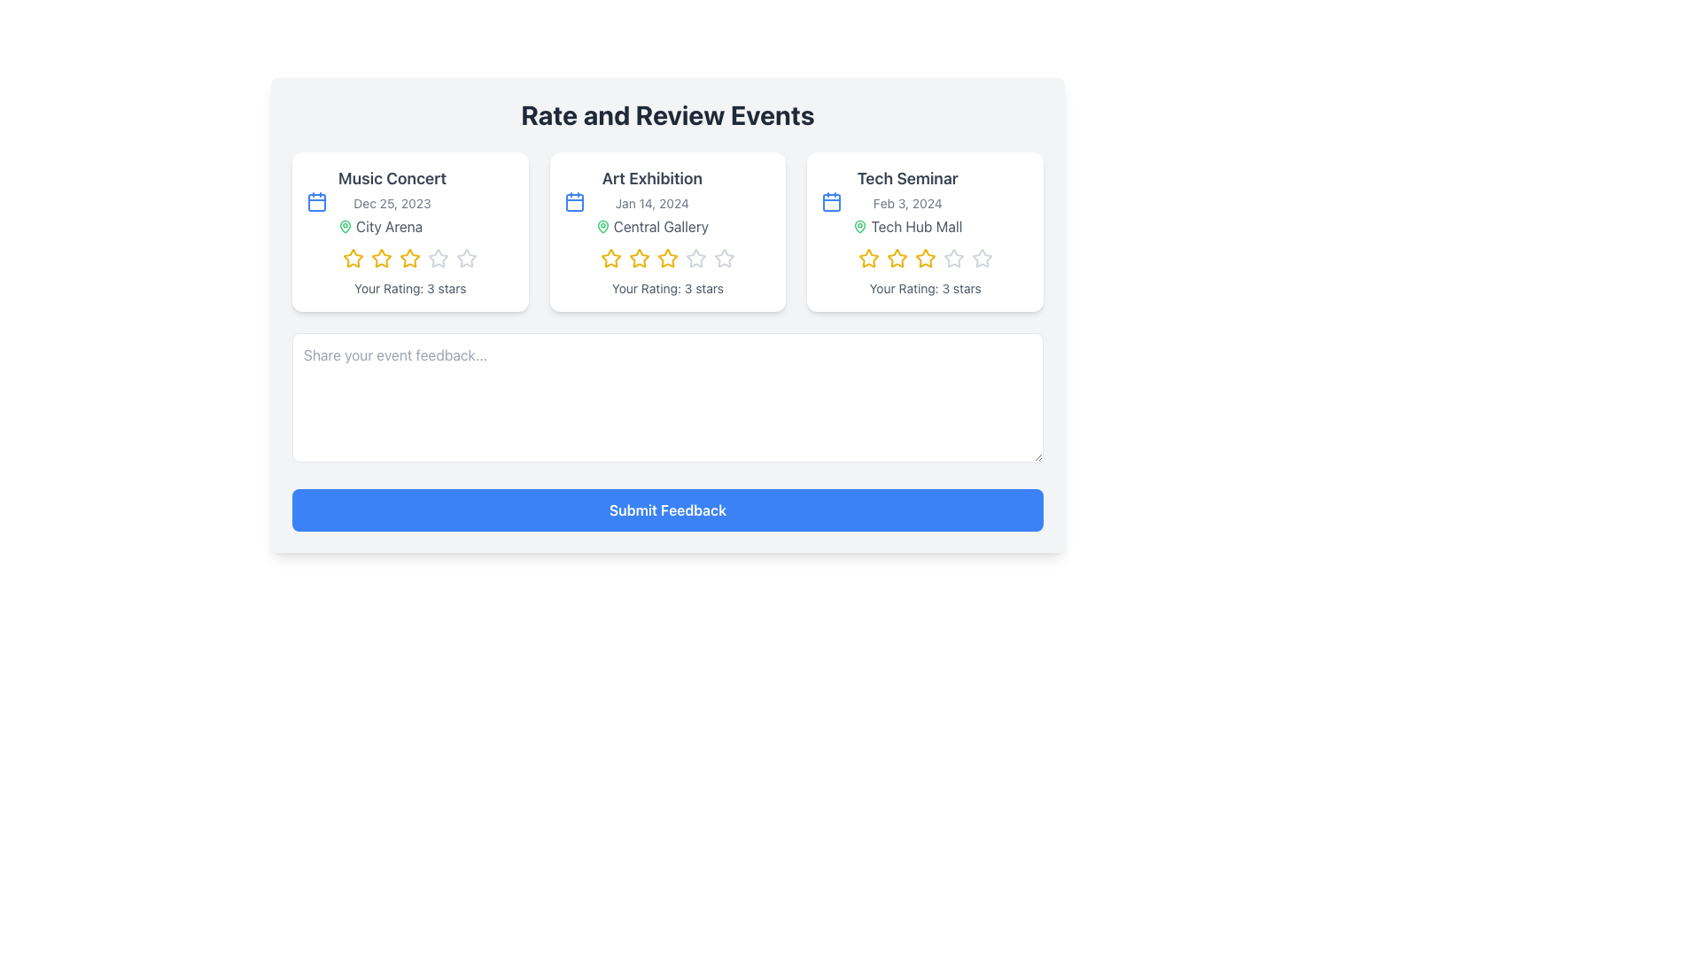 This screenshot has height=957, width=1701. I want to click on the first star icon in the rating row under the 'Tech Seminar' section, so click(868, 258).